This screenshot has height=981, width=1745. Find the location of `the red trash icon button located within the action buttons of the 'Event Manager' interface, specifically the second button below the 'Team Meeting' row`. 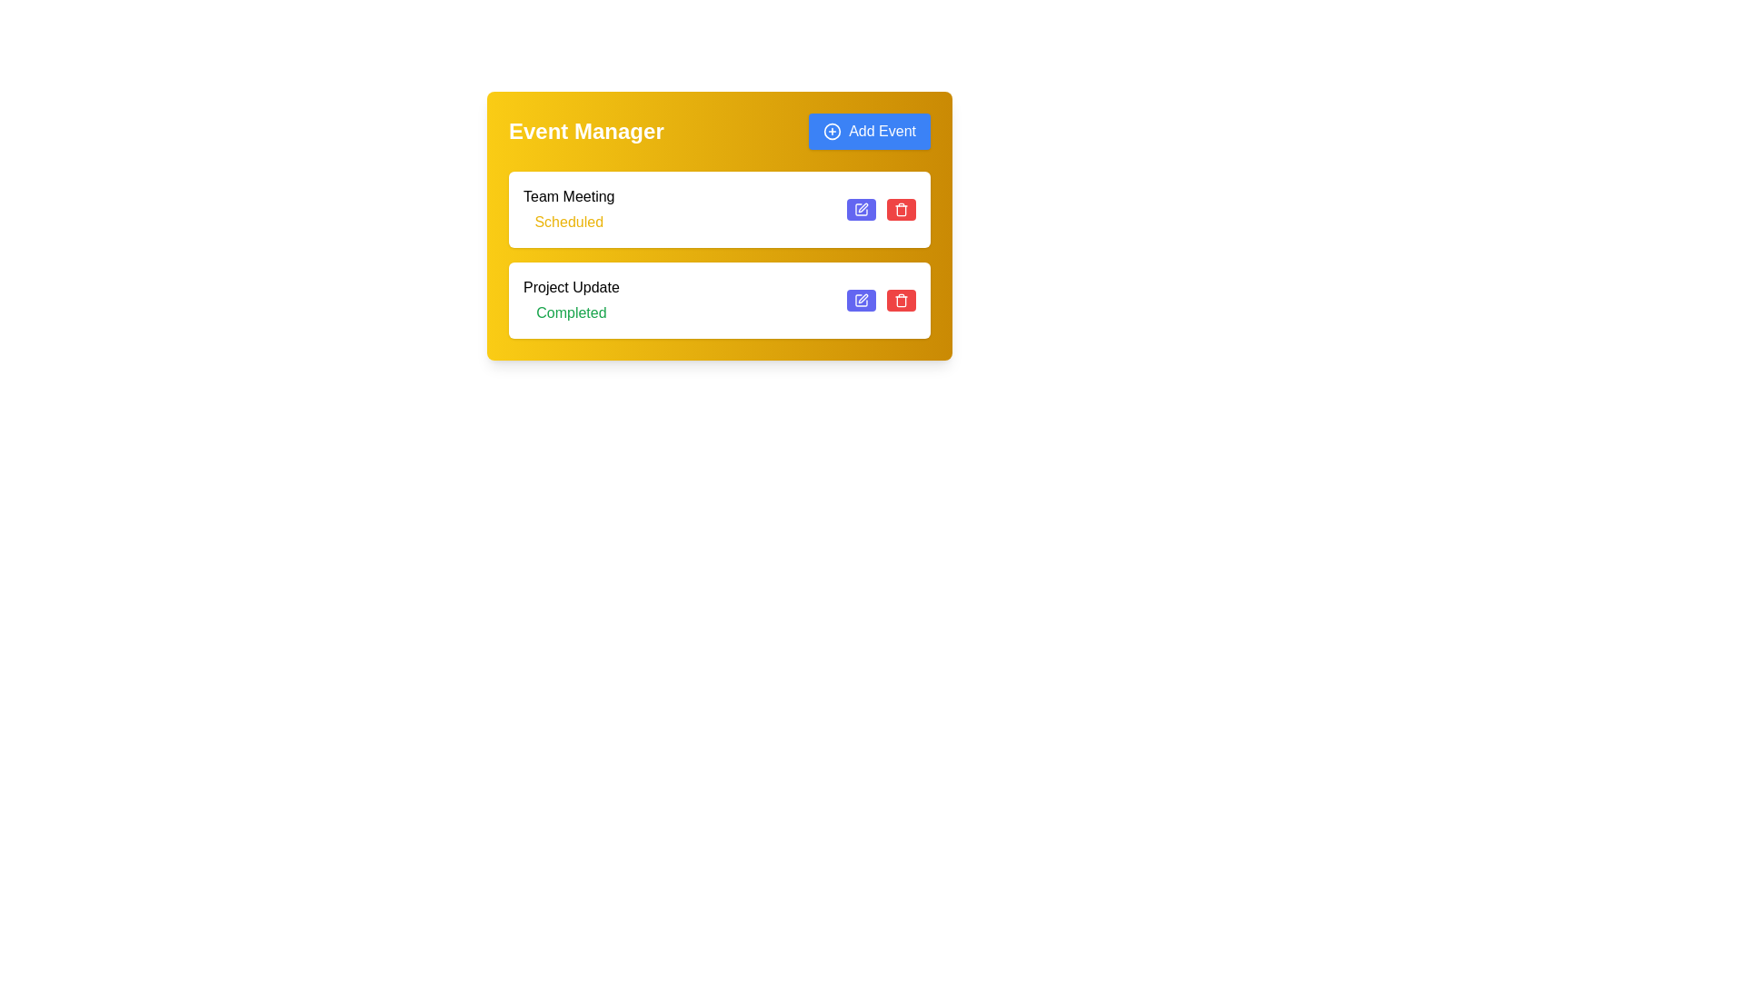

the red trash icon button located within the action buttons of the 'Event Manager' interface, specifically the second button below the 'Team Meeting' row is located at coordinates (902, 209).